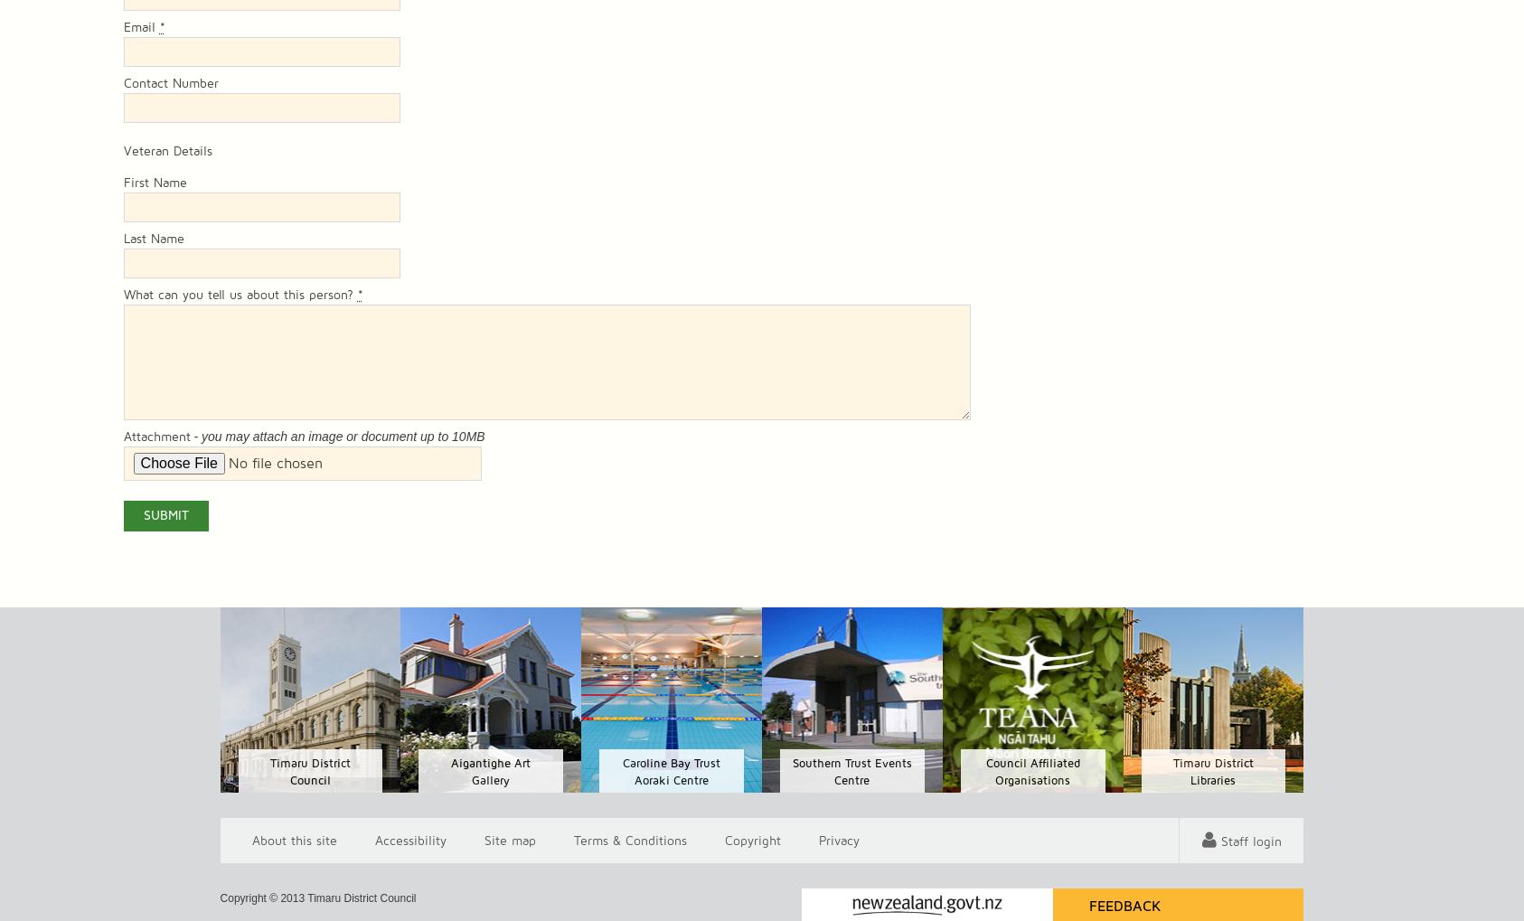 The image size is (1524, 921). What do you see at coordinates (166, 152) in the screenshot?
I see `'Veteran Details'` at bounding box center [166, 152].